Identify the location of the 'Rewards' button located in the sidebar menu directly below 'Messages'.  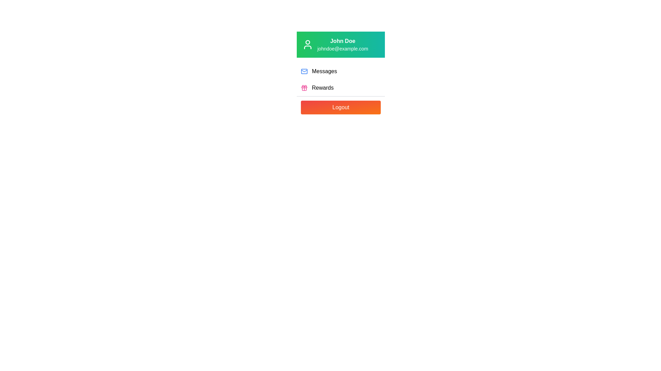
(340, 87).